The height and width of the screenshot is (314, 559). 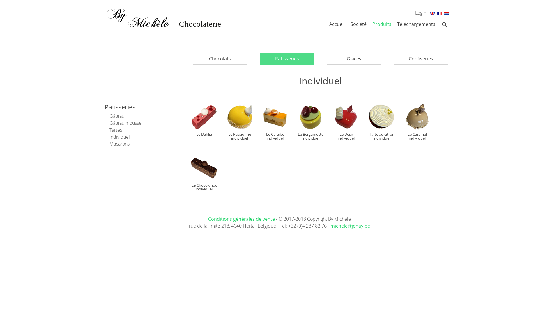 I want to click on 'Confiseries', so click(x=421, y=58).